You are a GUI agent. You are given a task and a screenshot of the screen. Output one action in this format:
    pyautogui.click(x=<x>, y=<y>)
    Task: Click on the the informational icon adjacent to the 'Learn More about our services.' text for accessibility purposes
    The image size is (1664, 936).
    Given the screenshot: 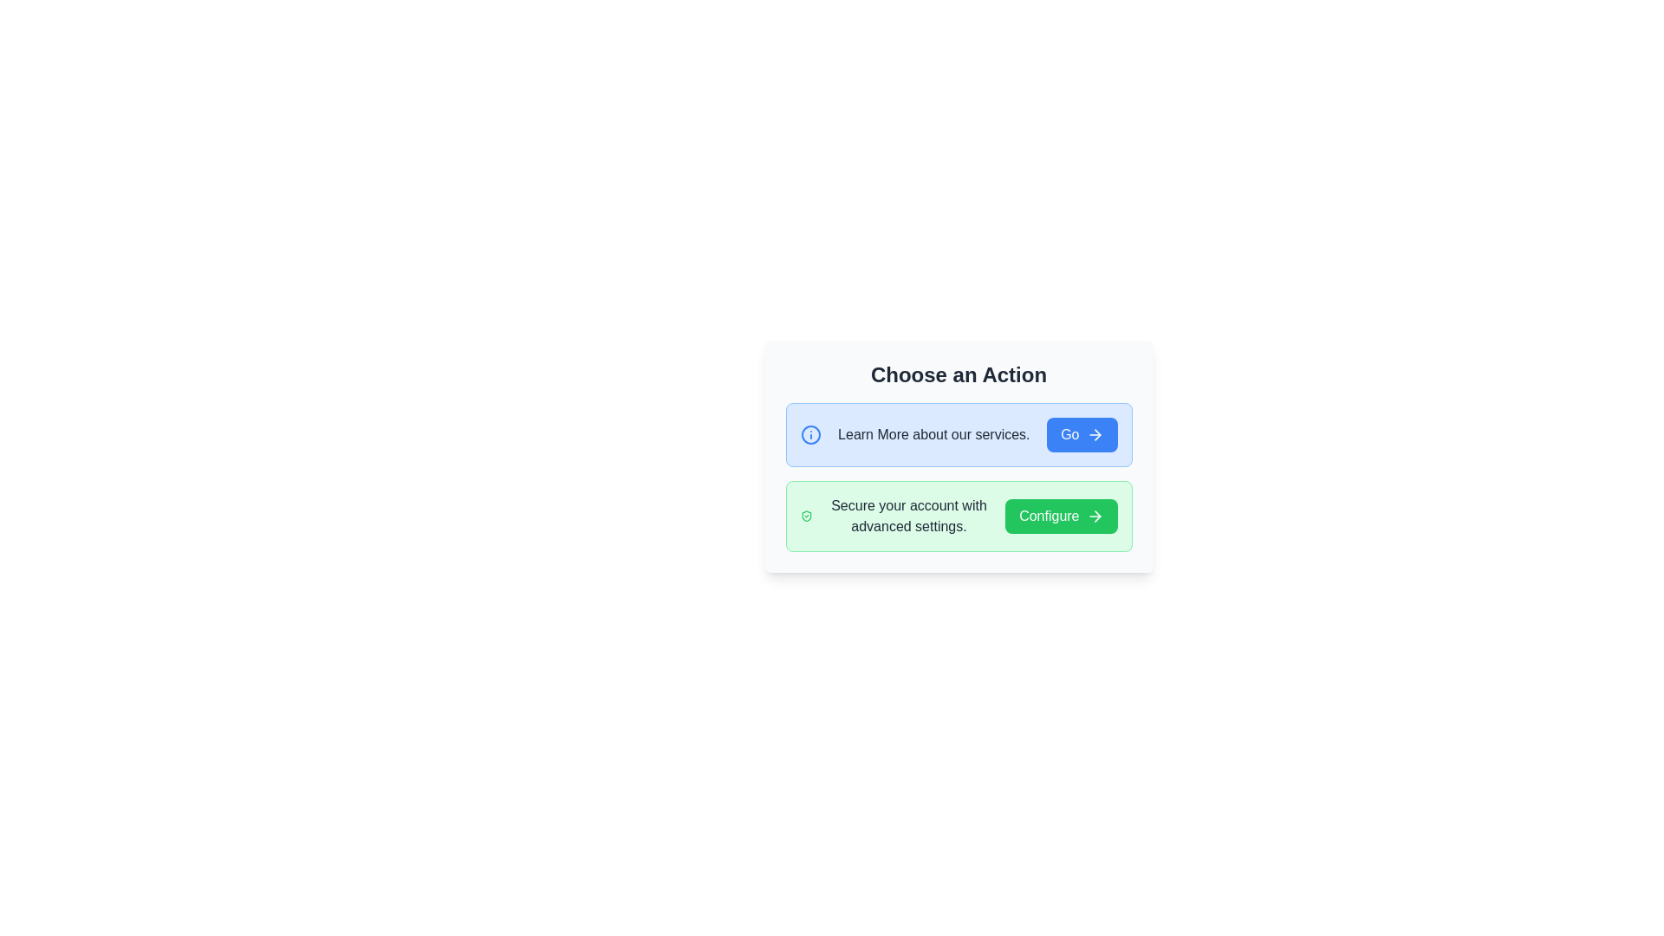 What is the action you would take?
    pyautogui.click(x=809, y=433)
    